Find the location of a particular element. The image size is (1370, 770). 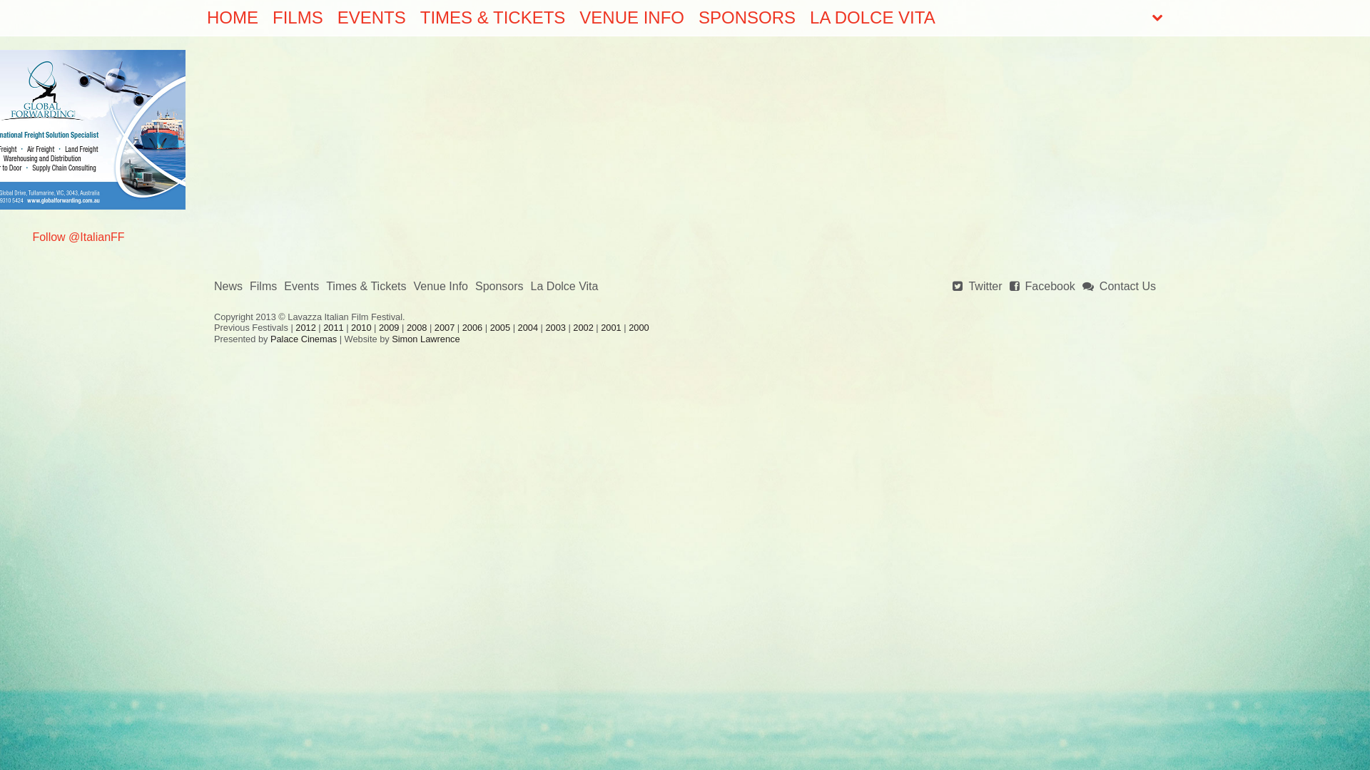

'2011' is located at coordinates (332, 327).